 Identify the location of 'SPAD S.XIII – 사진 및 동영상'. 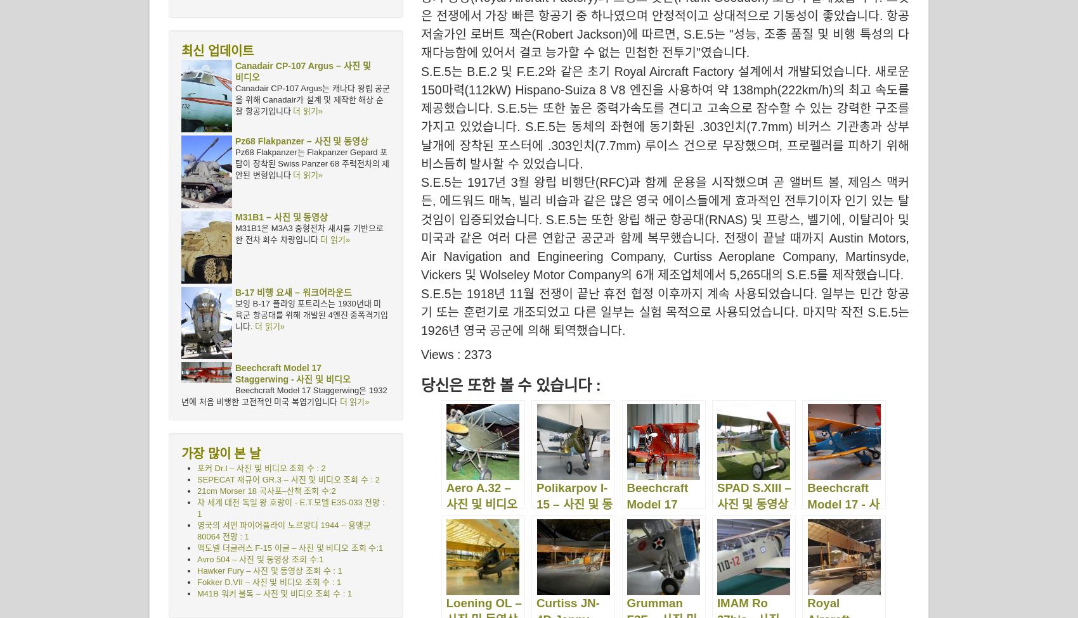
(753, 496).